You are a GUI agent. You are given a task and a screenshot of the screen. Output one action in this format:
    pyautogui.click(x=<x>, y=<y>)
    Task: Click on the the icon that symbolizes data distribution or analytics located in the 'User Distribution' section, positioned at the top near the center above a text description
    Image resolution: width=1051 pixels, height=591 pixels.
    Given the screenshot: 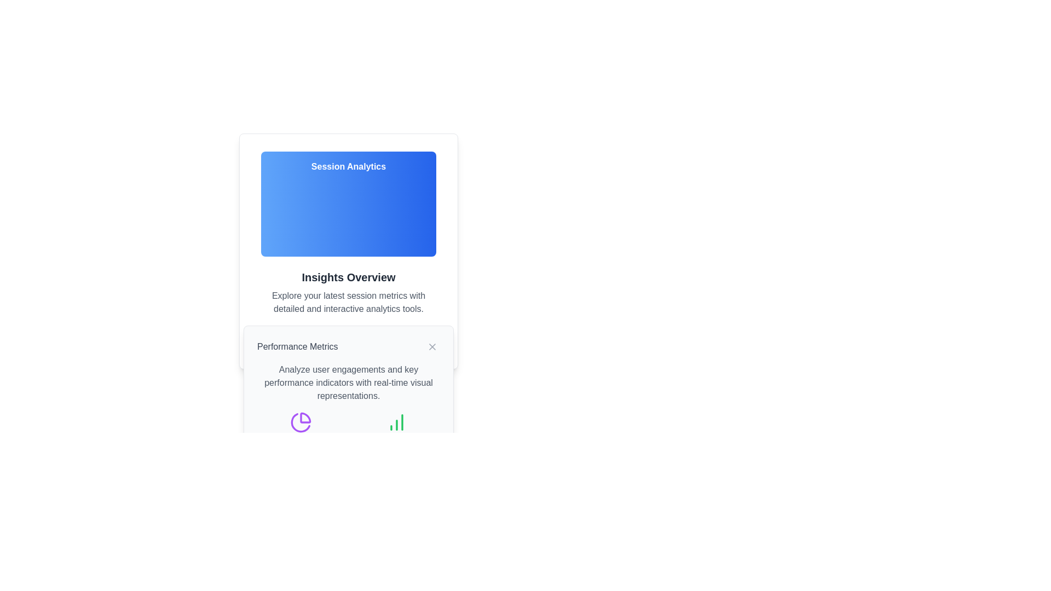 What is the action you would take?
    pyautogui.click(x=301, y=421)
    